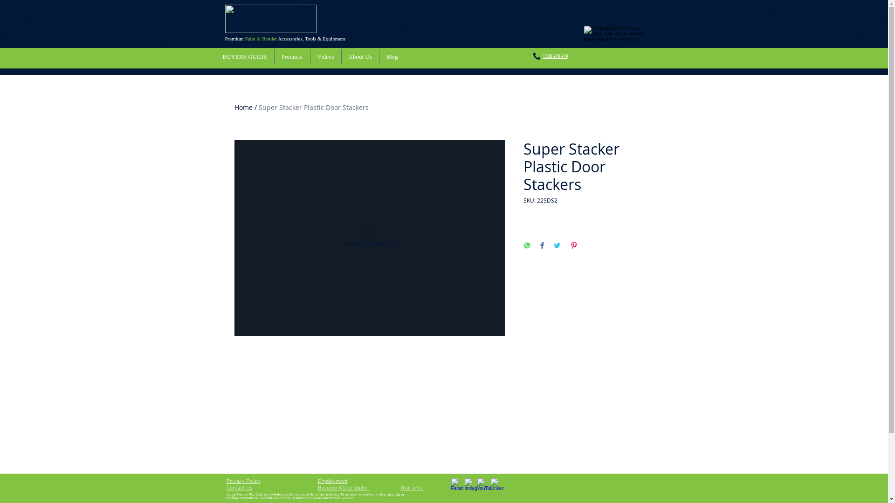  I want to click on 'Super Stacker Plastic Door Stackers', so click(313, 107).